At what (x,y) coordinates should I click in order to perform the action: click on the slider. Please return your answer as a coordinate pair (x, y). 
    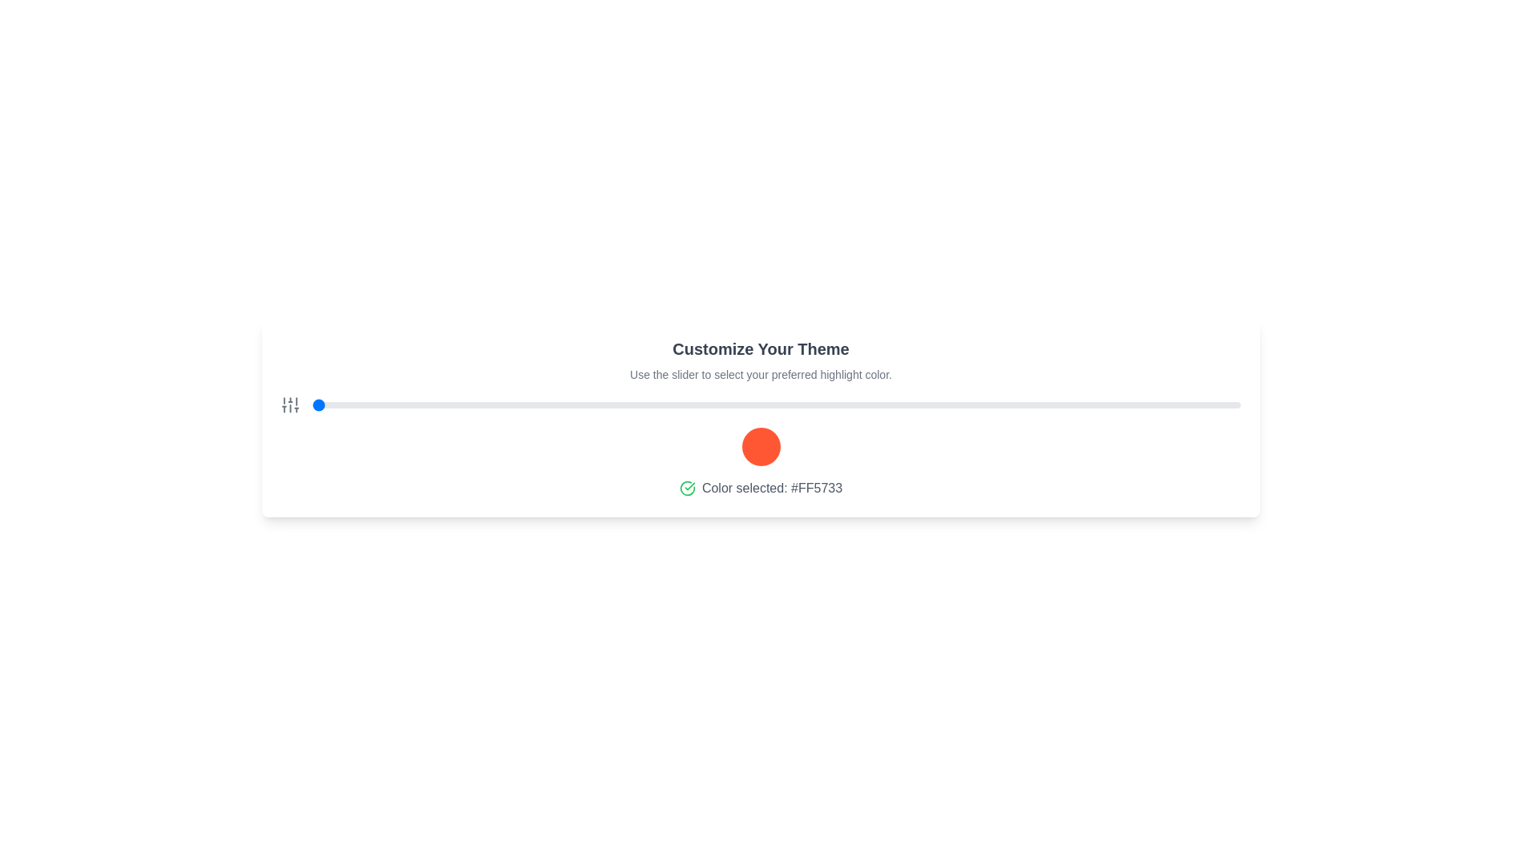
    Looking at the image, I should click on (503, 404).